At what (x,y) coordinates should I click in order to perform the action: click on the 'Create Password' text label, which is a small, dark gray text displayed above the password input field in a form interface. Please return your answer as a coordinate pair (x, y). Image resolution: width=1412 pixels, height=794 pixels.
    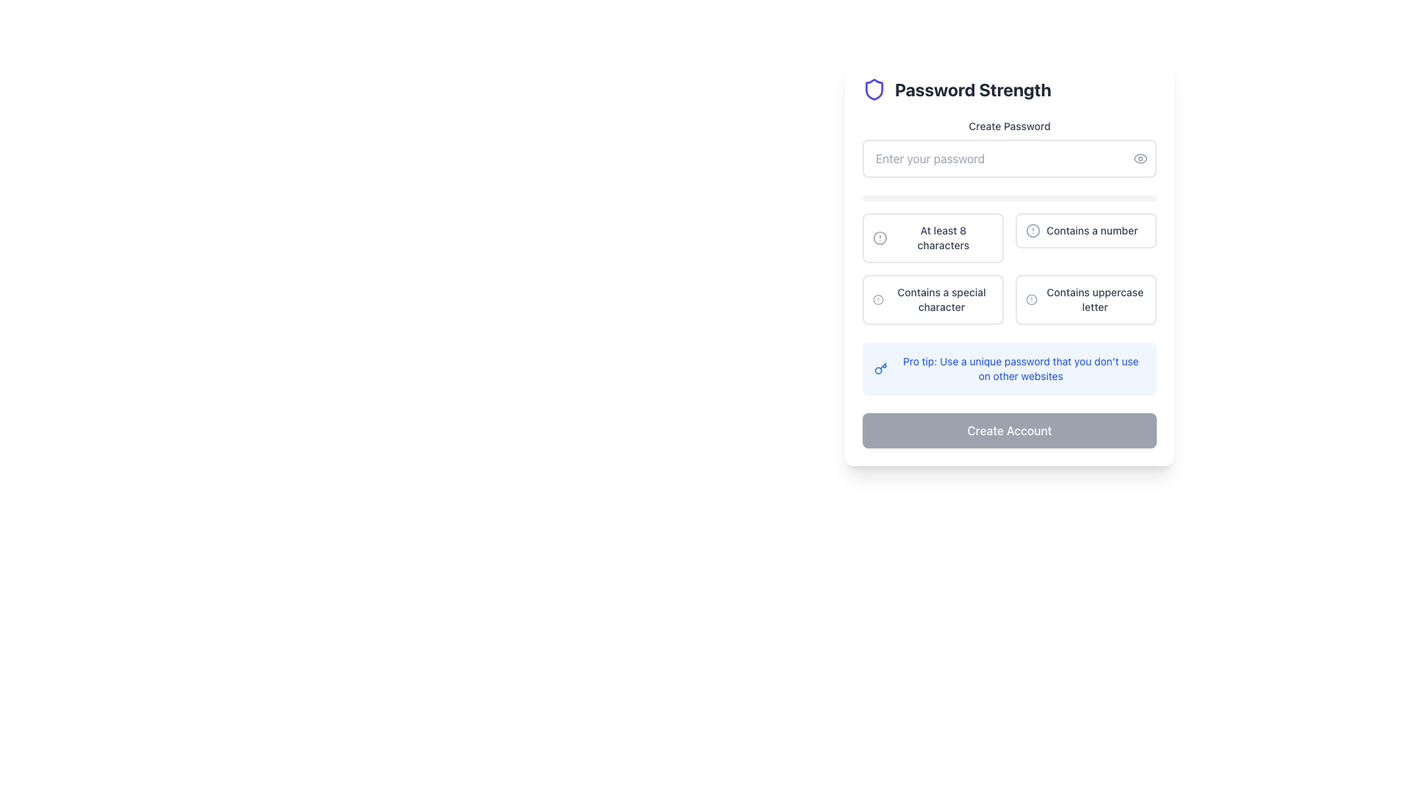
    Looking at the image, I should click on (1008, 126).